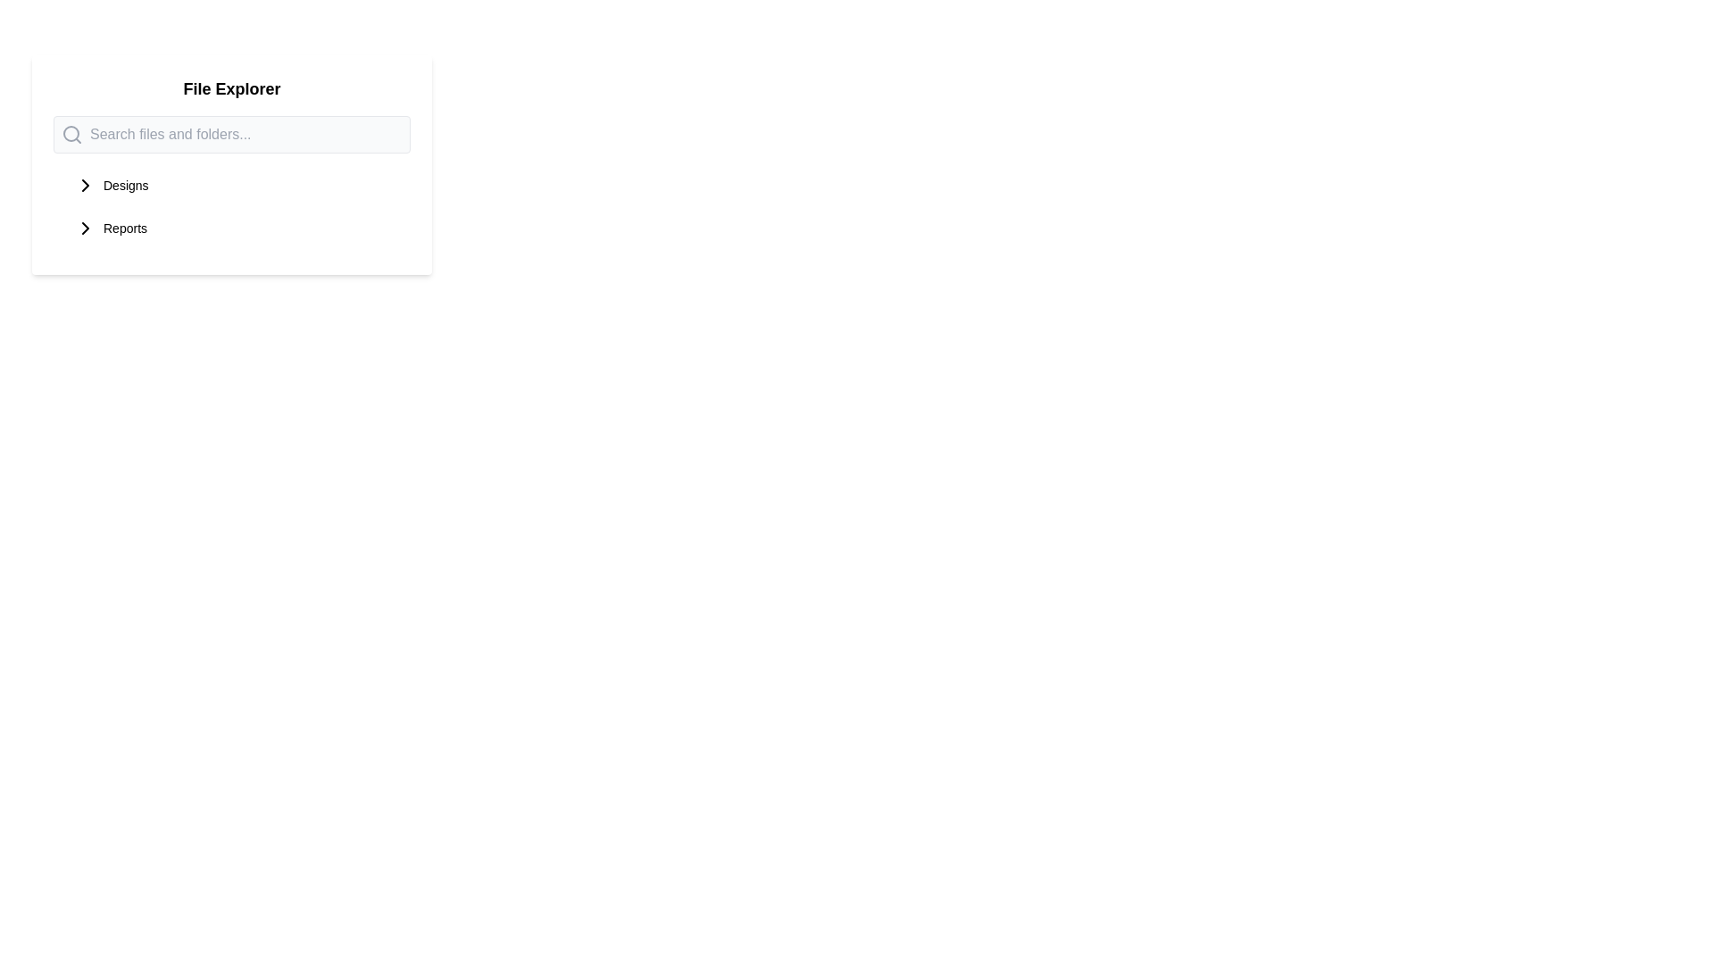 This screenshot has height=964, width=1714. What do you see at coordinates (85, 186) in the screenshot?
I see `the navigational icon next to the 'Designs' label, which indicates expandable options related to the 'Designs' section` at bounding box center [85, 186].